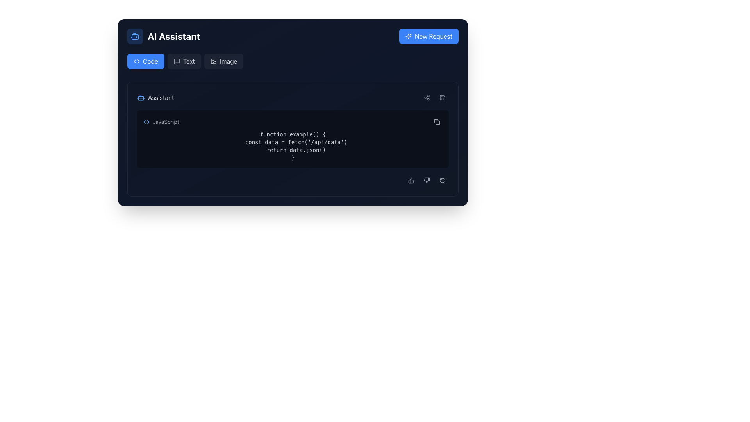 The height and width of the screenshot is (422, 750). What do you see at coordinates (223, 61) in the screenshot?
I see `keyboard navigation` at bounding box center [223, 61].